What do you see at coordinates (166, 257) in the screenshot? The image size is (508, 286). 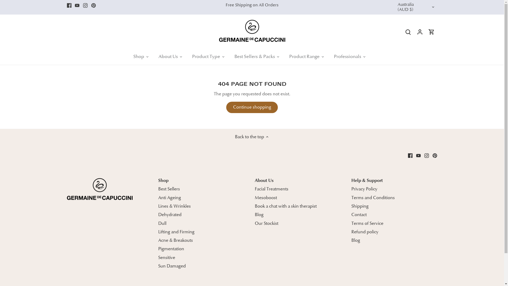 I see `'Sensitive'` at bounding box center [166, 257].